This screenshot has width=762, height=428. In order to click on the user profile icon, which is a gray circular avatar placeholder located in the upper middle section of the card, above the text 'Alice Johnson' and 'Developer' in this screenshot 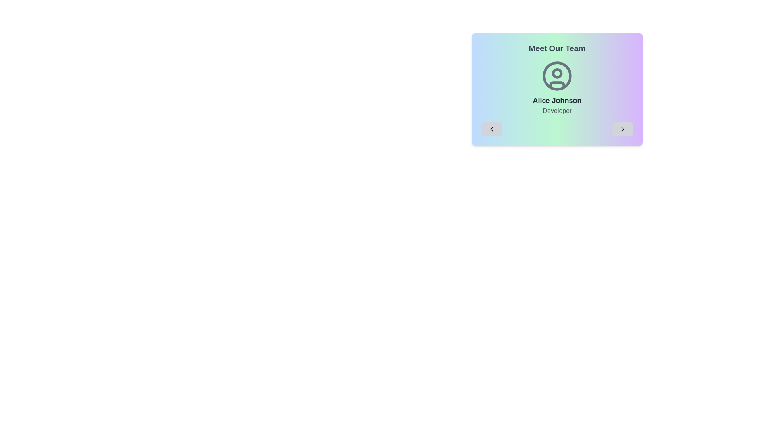, I will do `click(556, 76)`.